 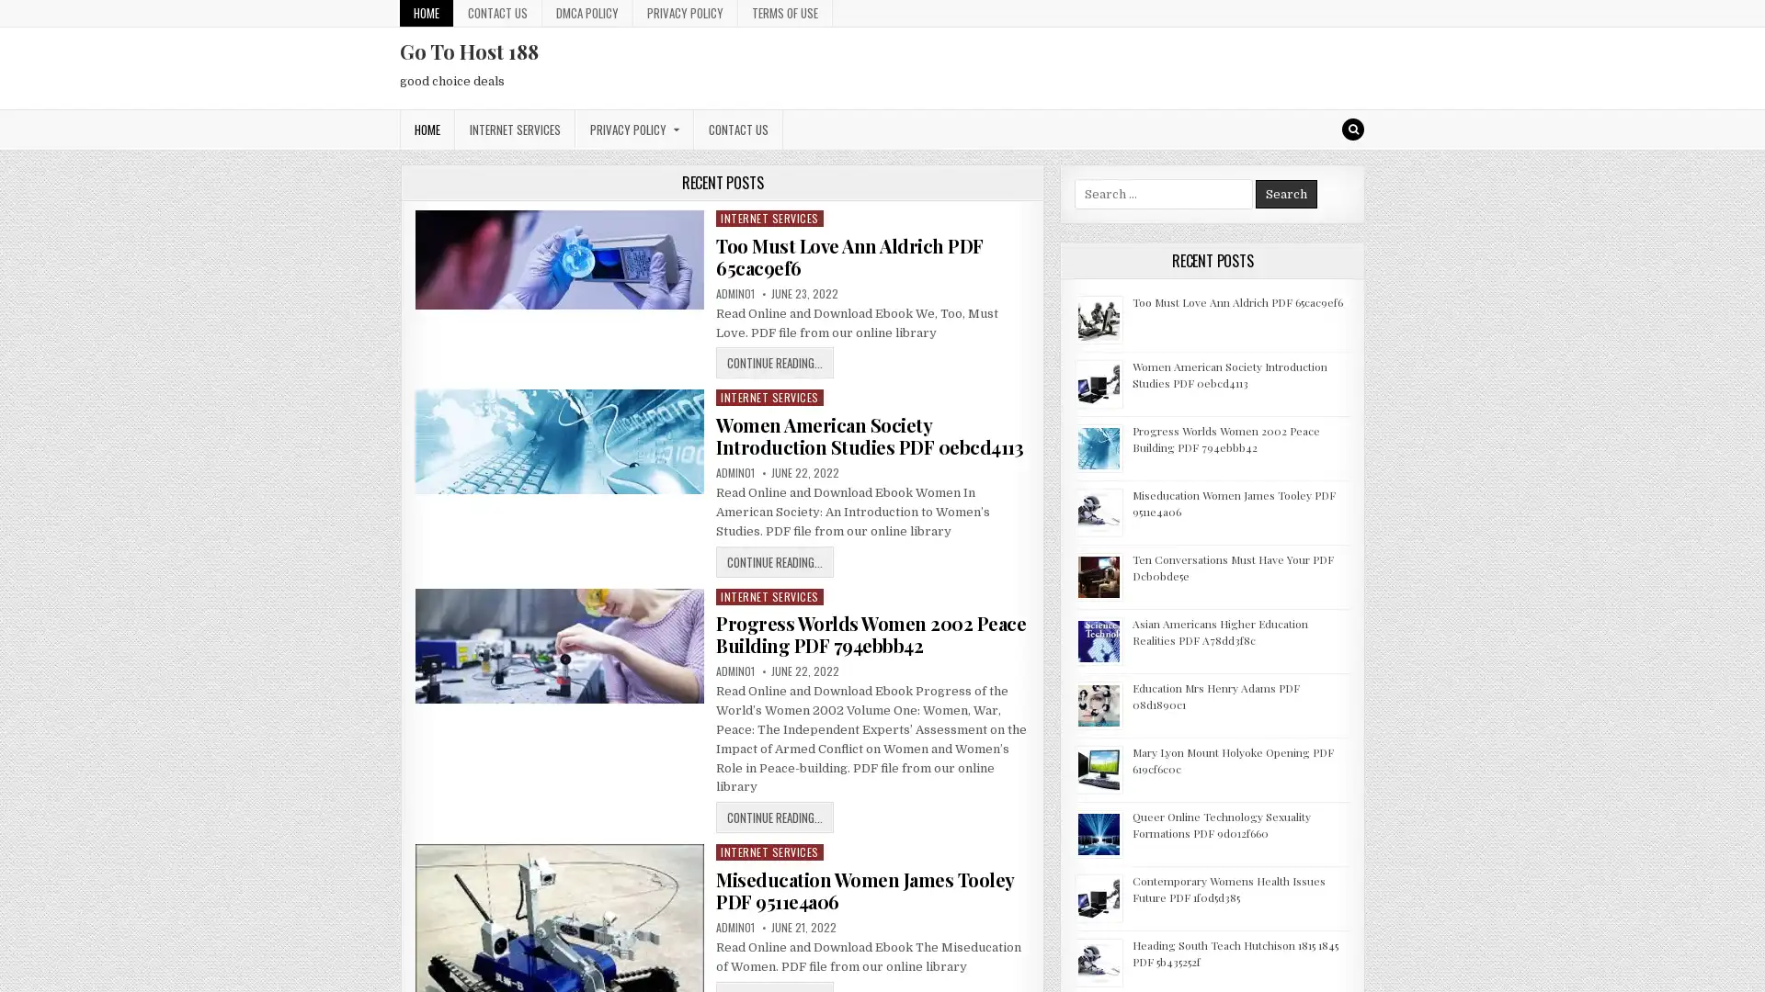 What do you see at coordinates (1285, 194) in the screenshot?
I see `Search` at bounding box center [1285, 194].